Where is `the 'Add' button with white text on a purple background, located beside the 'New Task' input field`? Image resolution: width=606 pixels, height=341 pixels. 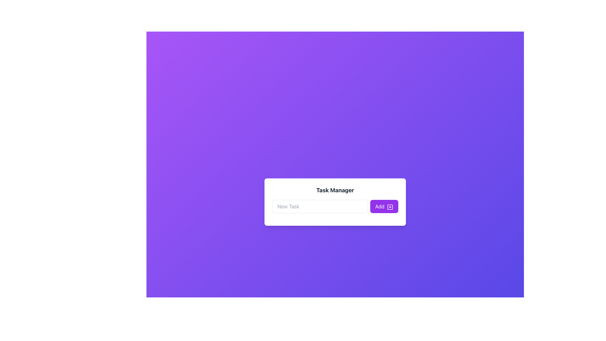
the 'Add' button with white text on a purple background, located beside the 'New Task' input field is located at coordinates (384, 206).